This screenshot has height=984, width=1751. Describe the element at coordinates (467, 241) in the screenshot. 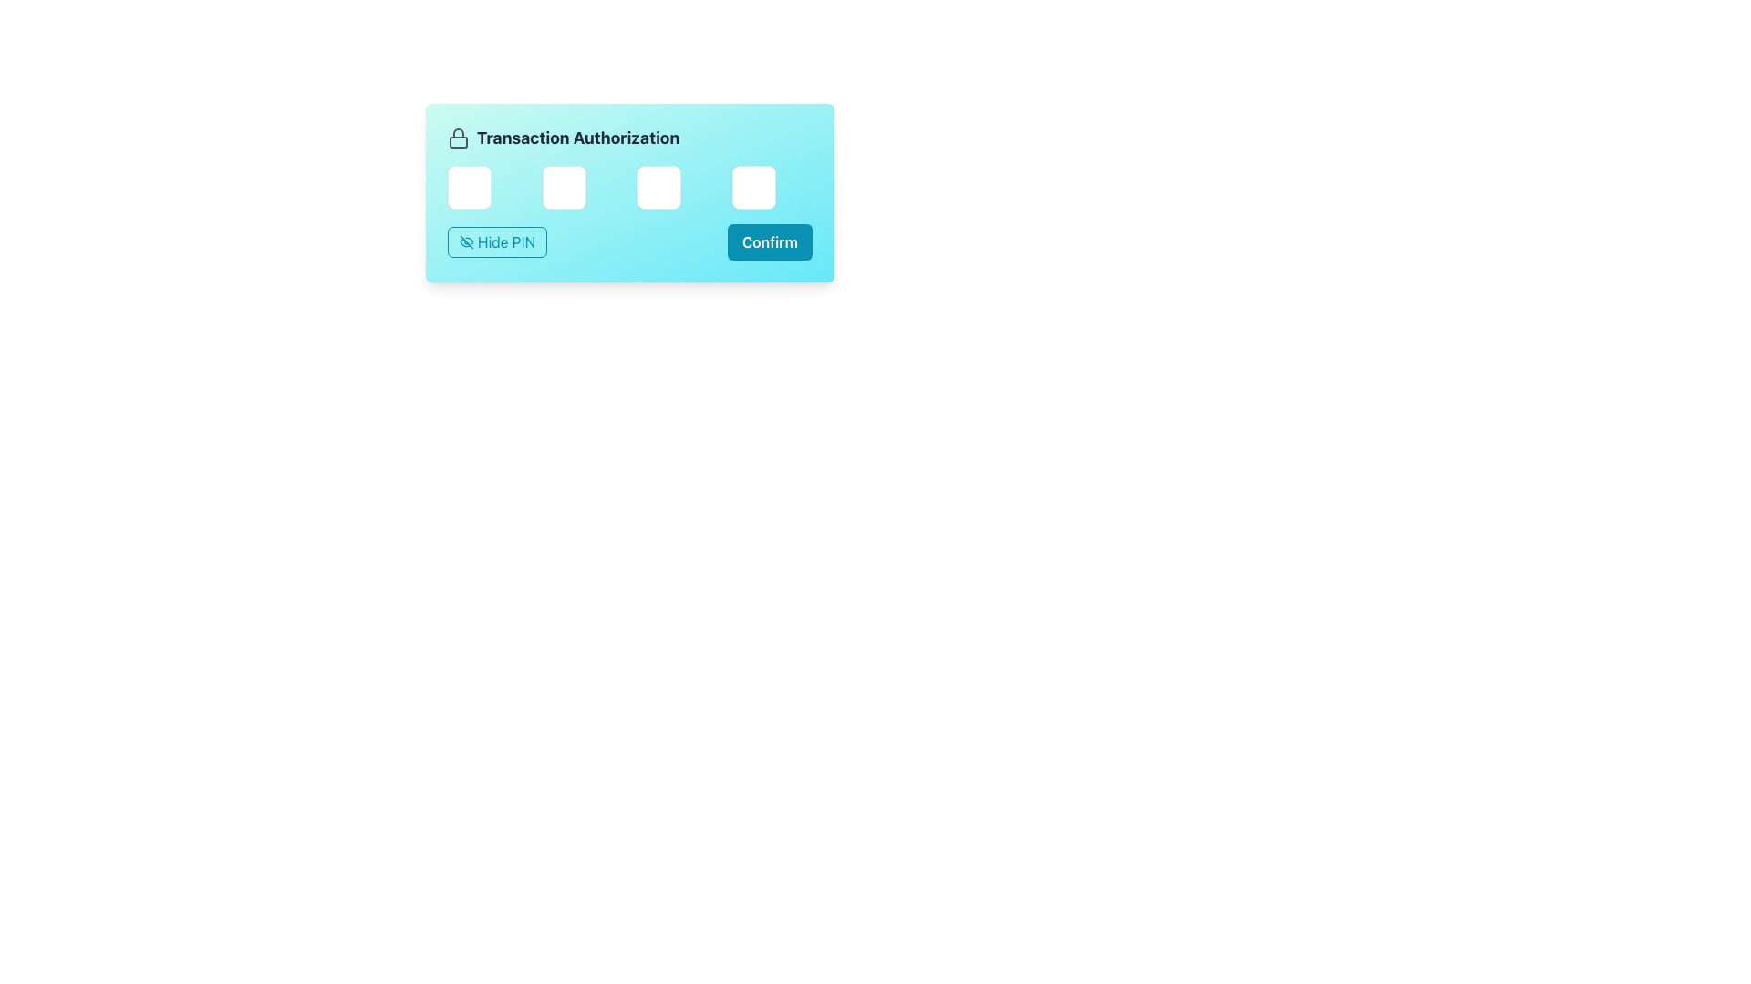

I see `the eye icon with a slash located to the left of the text 'Hide PIN' within the button at the bottom left of the transaction authorization interface` at that location.